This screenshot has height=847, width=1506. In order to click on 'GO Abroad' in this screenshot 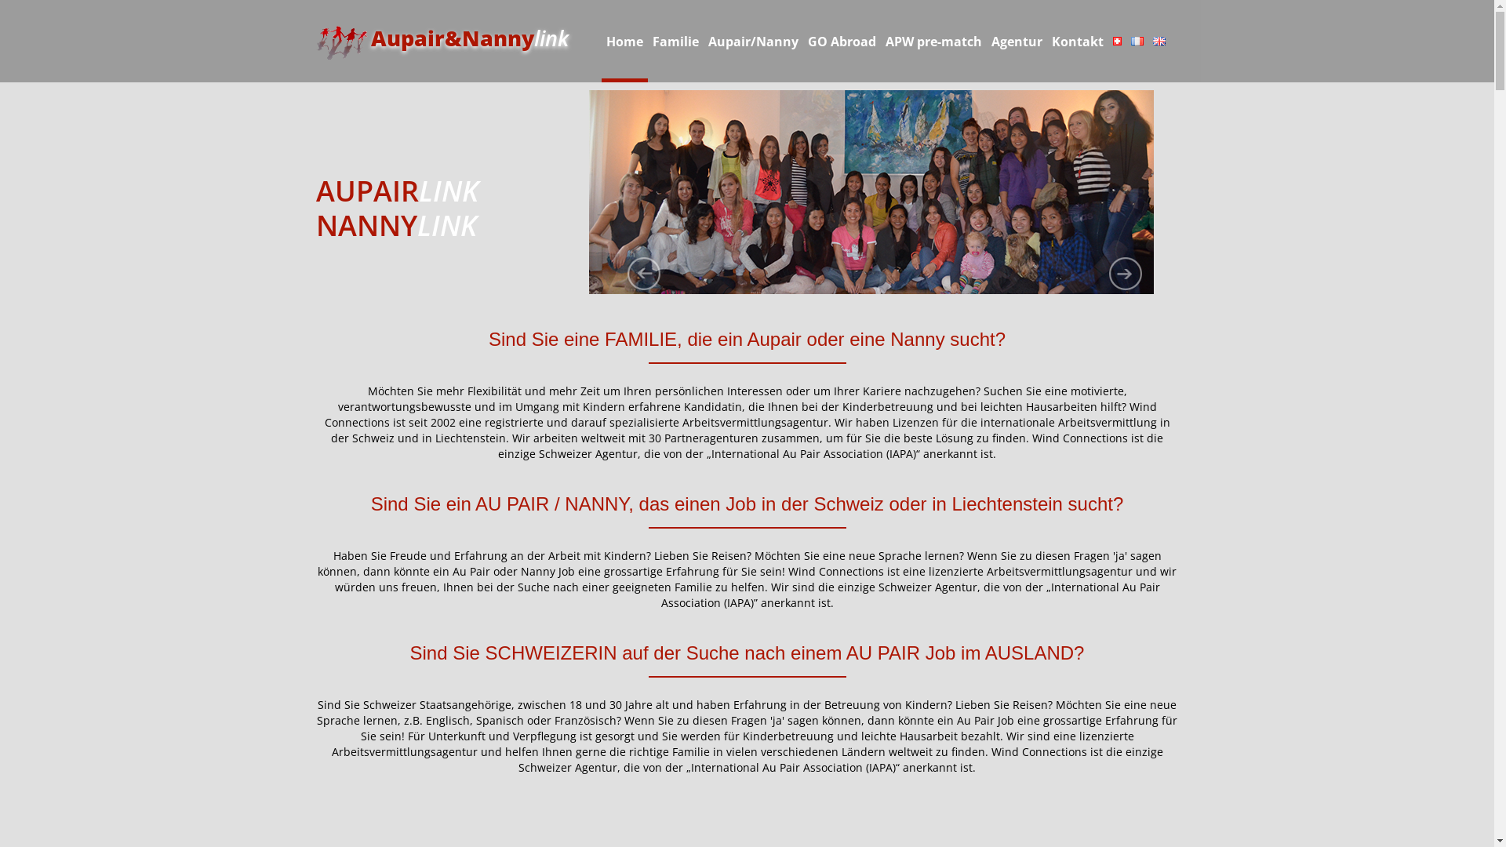, I will do `click(841, 38)`.